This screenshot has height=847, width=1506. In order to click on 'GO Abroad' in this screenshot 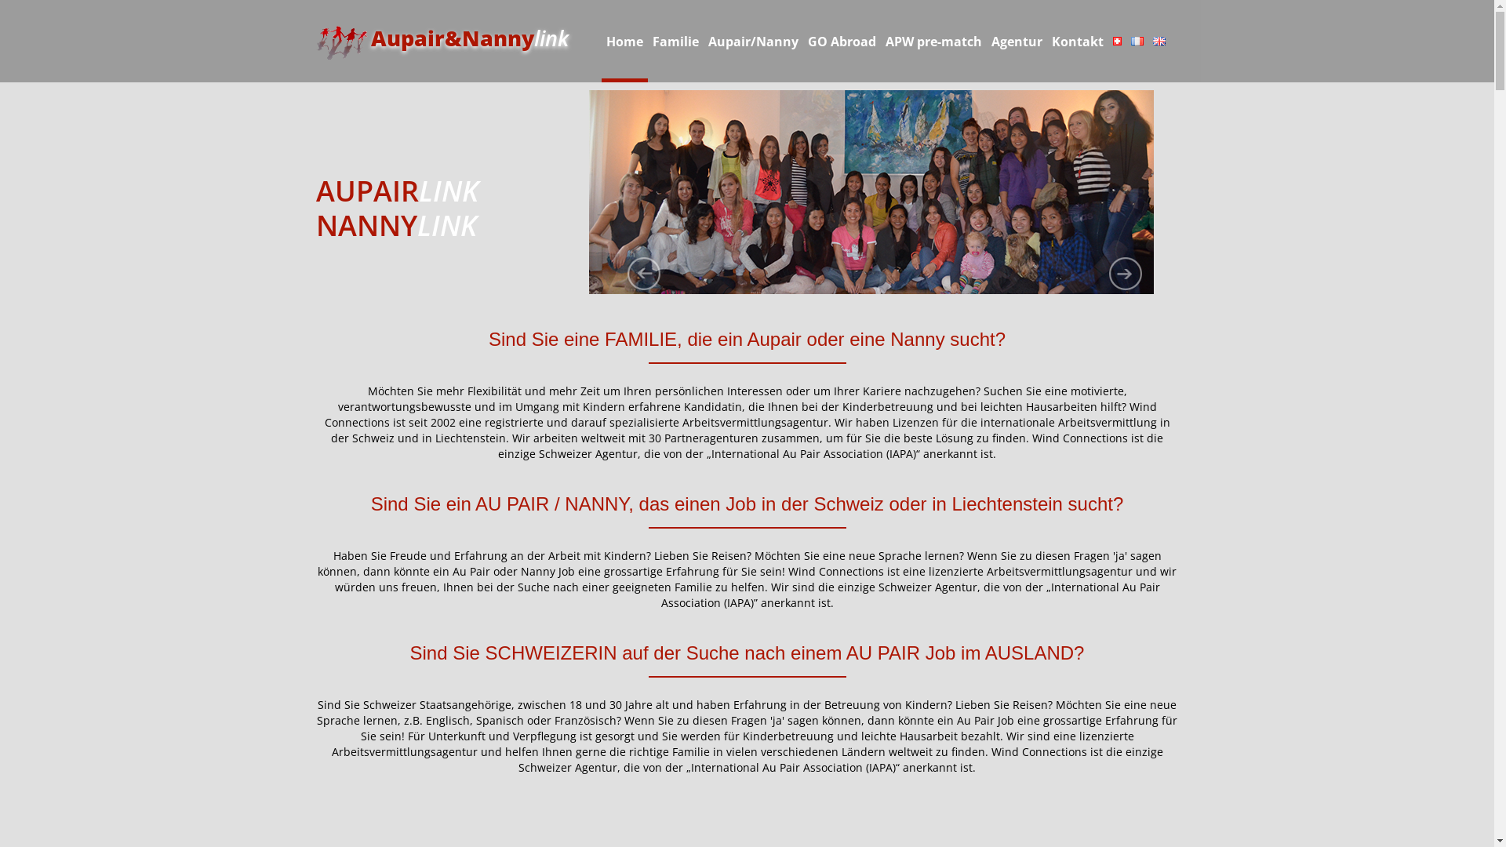, I will do `click(841, 38)`.